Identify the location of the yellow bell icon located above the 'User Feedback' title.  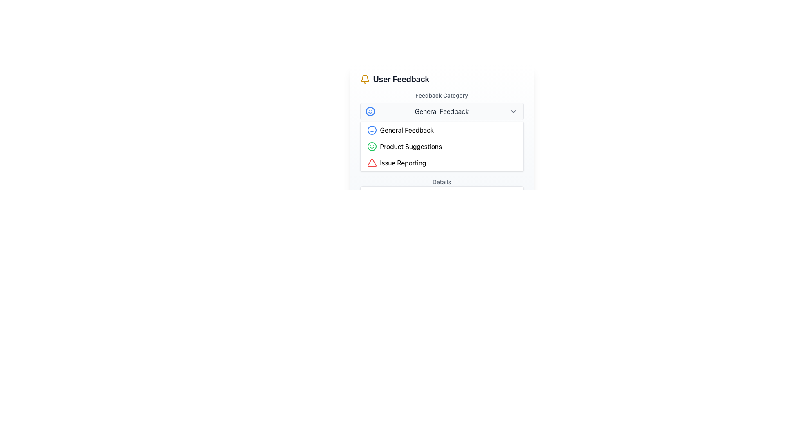
(364, 78).